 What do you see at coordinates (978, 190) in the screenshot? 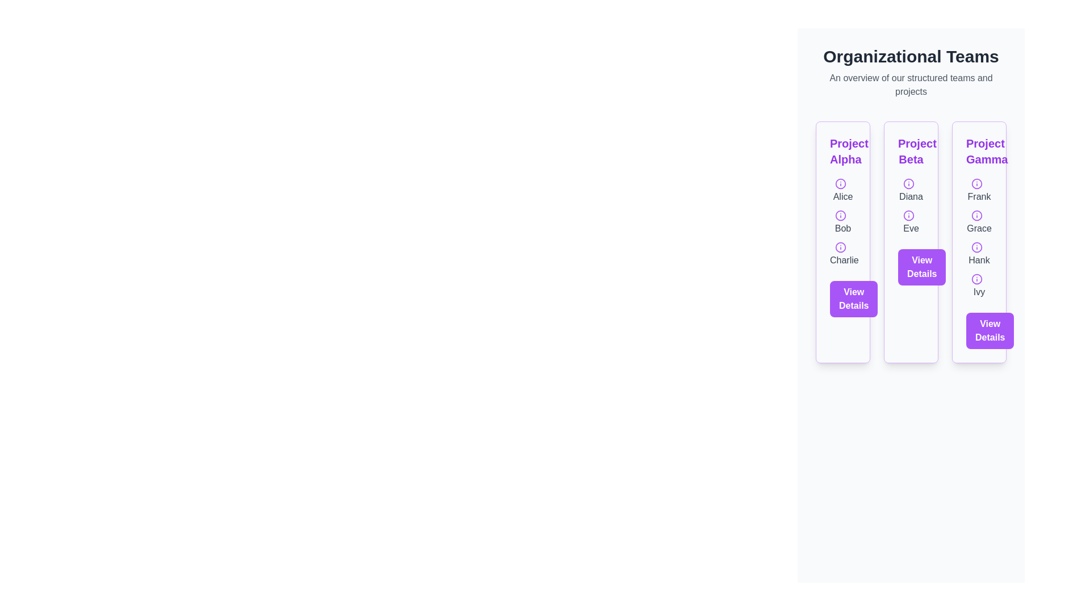
I see `the text label representing the name 'Frank'` at bounding box center [978, 190].